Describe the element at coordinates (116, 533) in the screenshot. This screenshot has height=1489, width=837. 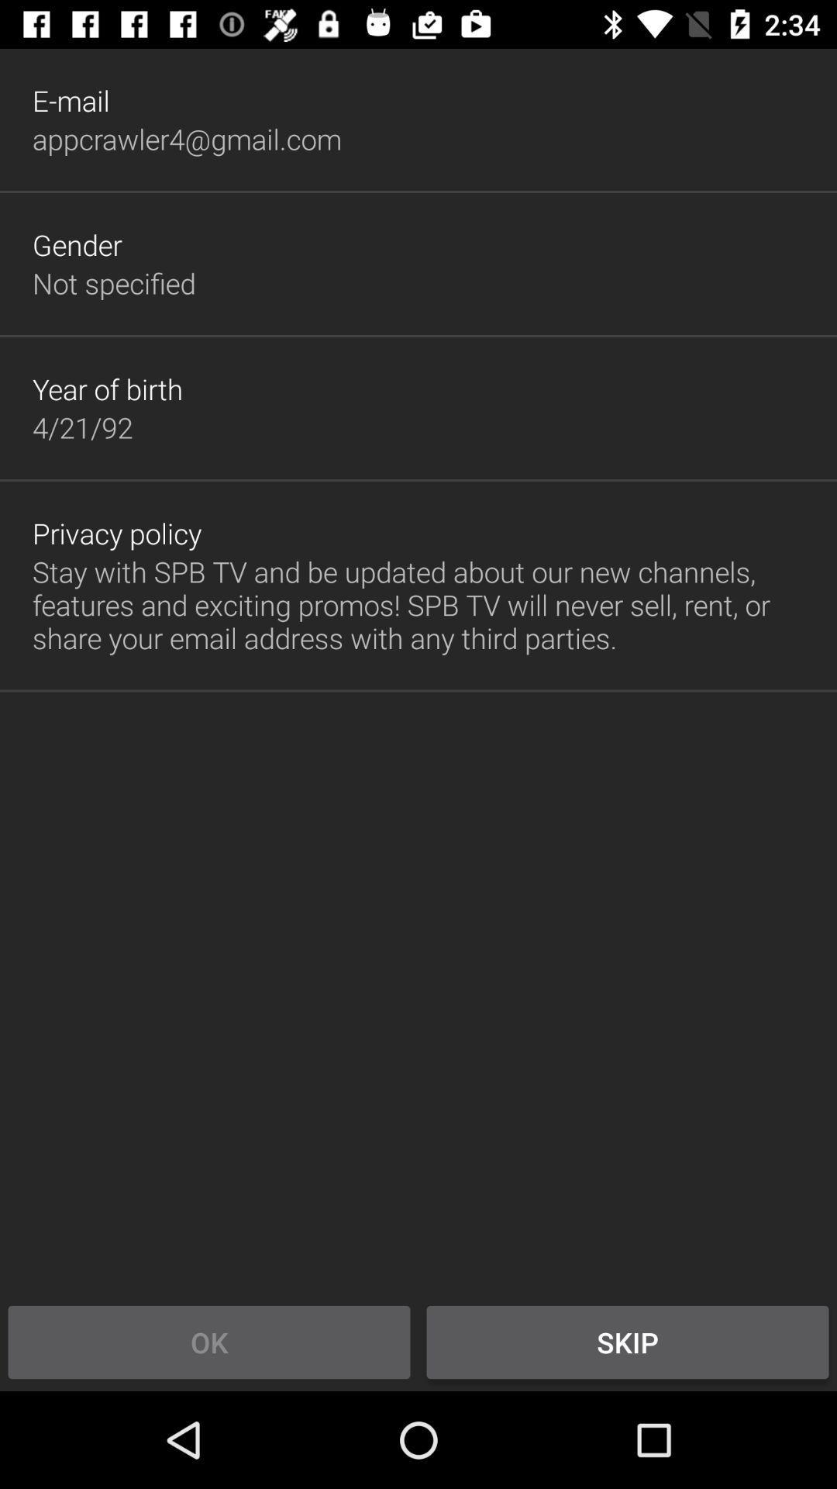
I see `privacy policy` at that location.